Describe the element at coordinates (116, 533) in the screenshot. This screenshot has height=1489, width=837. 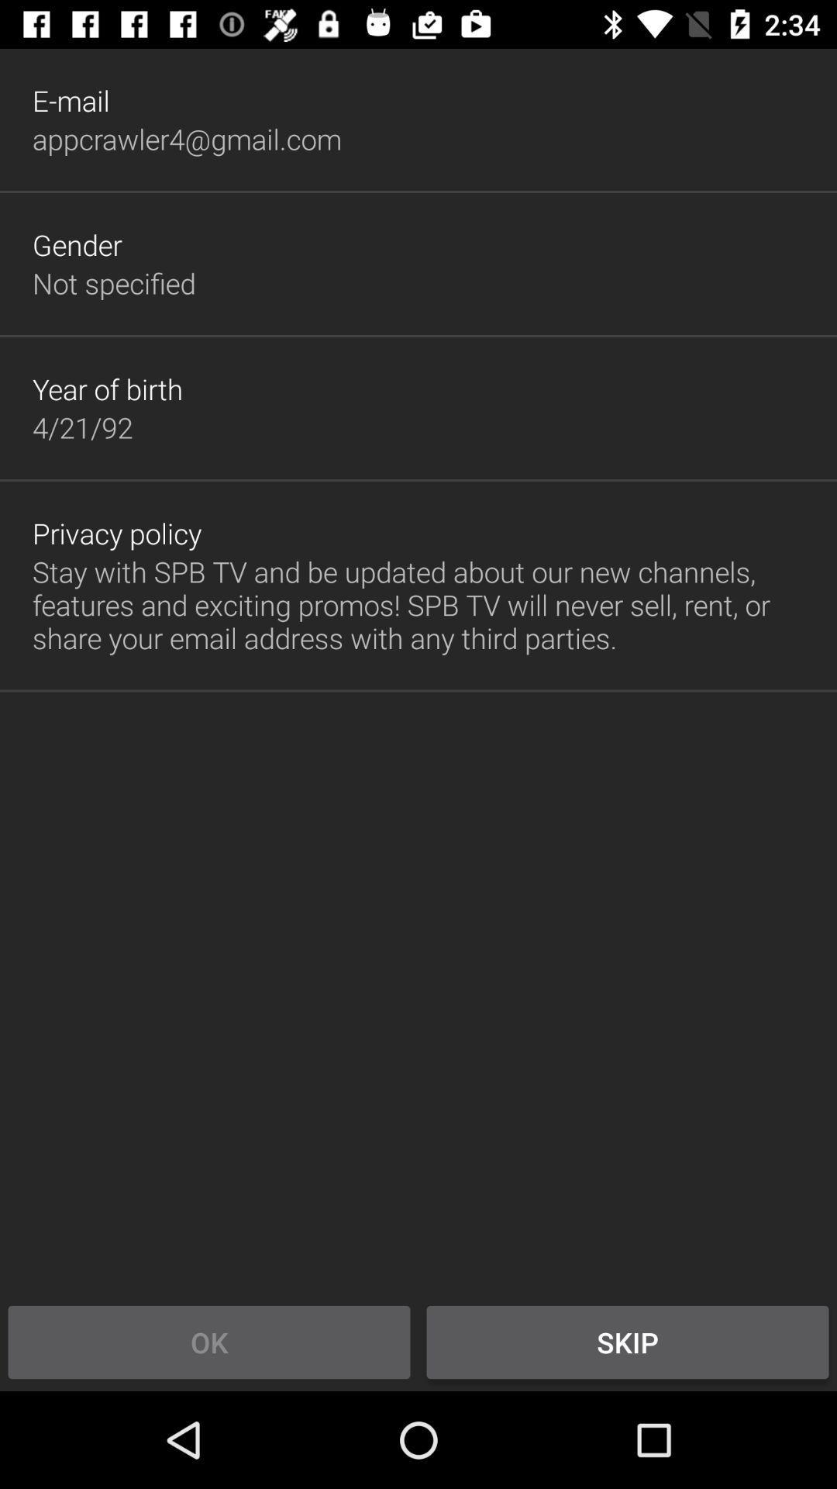
I see `privacy policy` at that location.